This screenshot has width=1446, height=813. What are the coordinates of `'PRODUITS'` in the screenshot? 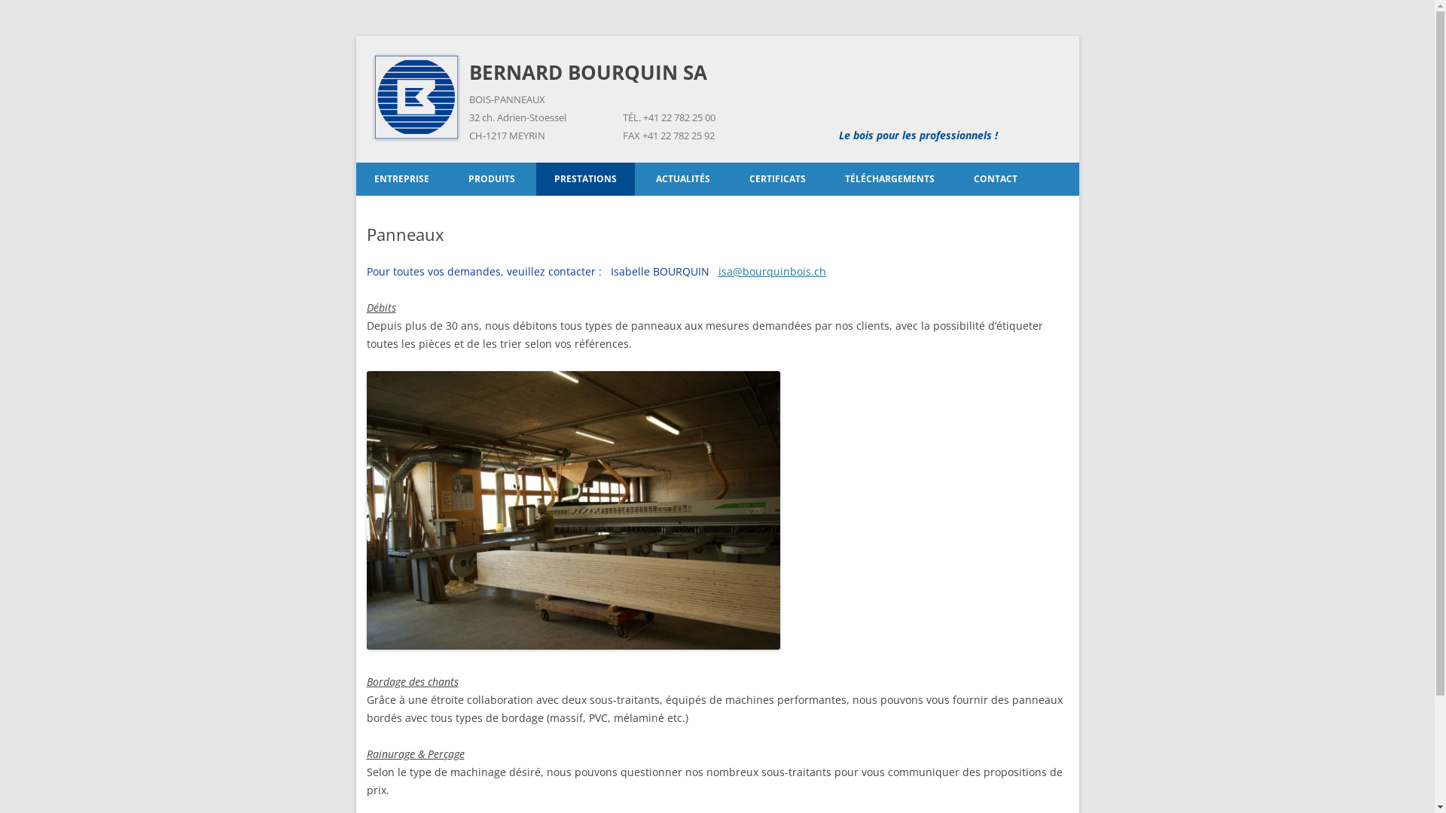 It's located at (491, 178).